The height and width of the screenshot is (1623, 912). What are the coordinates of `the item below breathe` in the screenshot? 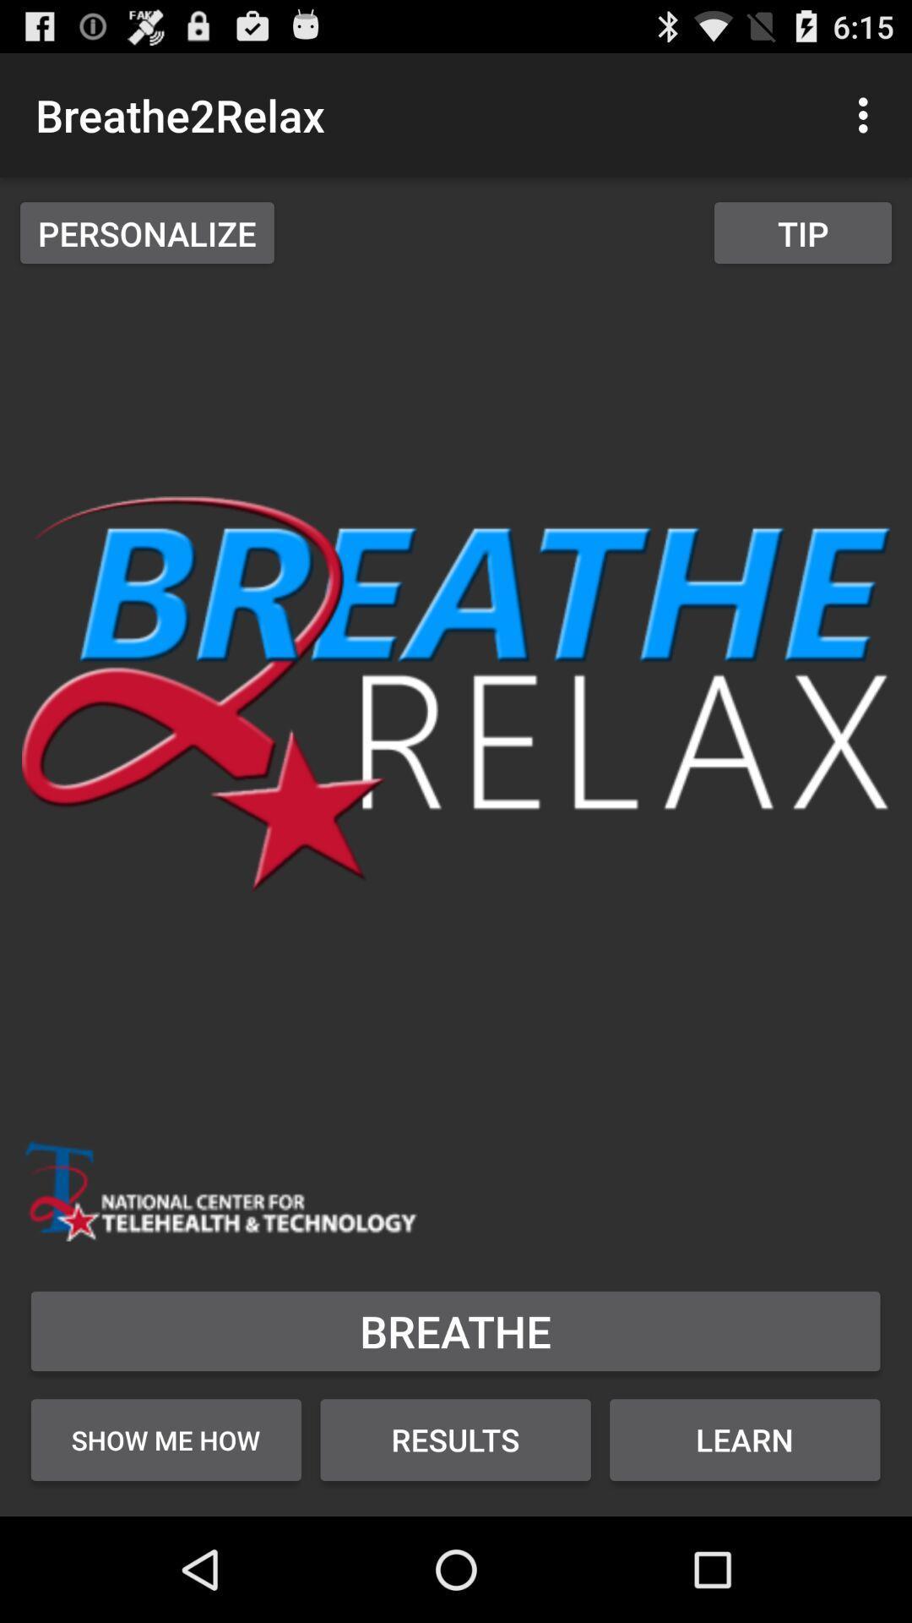 It's located at (166, 1439).